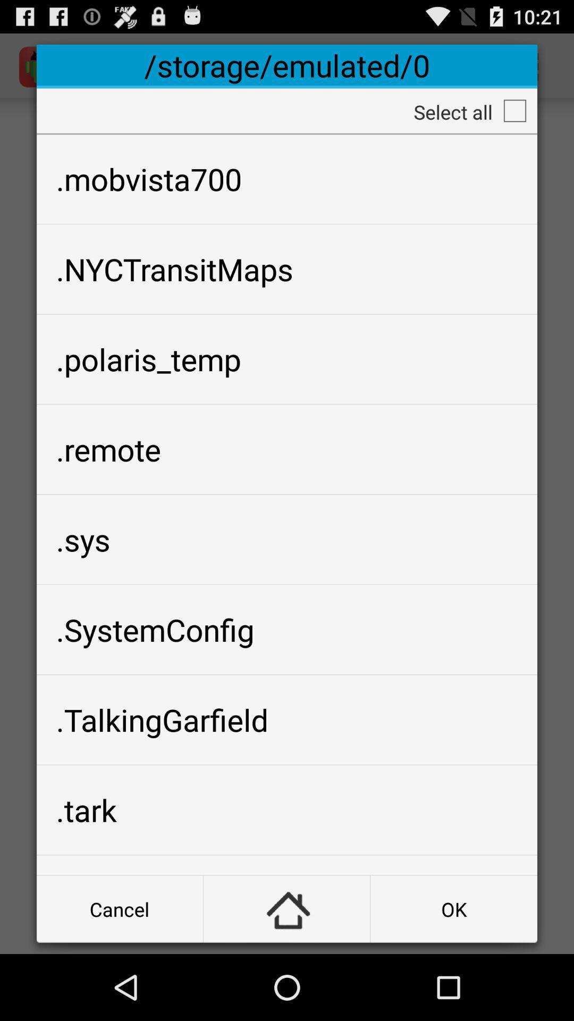 Image resolution: width=574 pixels, height=1021 pixels. Describe the element at coordinates (286, 908) in the screenshot. I see `button` at that location.